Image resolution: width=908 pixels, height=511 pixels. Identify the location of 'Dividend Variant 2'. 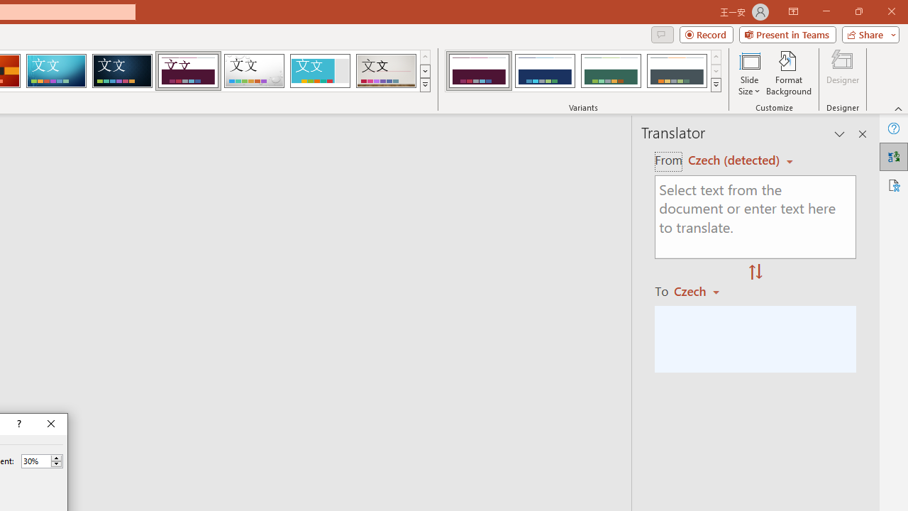
(544, 71).